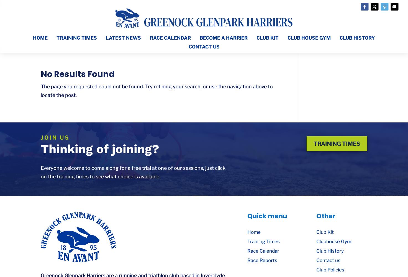  What do you see at coordinates (329, 251) in the screenshot?
I see `'Club History'` at bounding box center [329, 251].